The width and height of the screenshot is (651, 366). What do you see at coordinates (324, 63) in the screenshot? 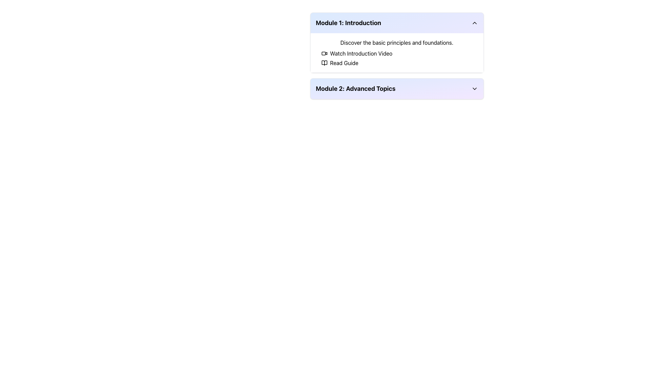
I see `the icon representing an open book located in the top-left corner of the 'Module 1: Introduction' section, adjacent to the 'Read Guide' action text` at bounding box center [324, 63].